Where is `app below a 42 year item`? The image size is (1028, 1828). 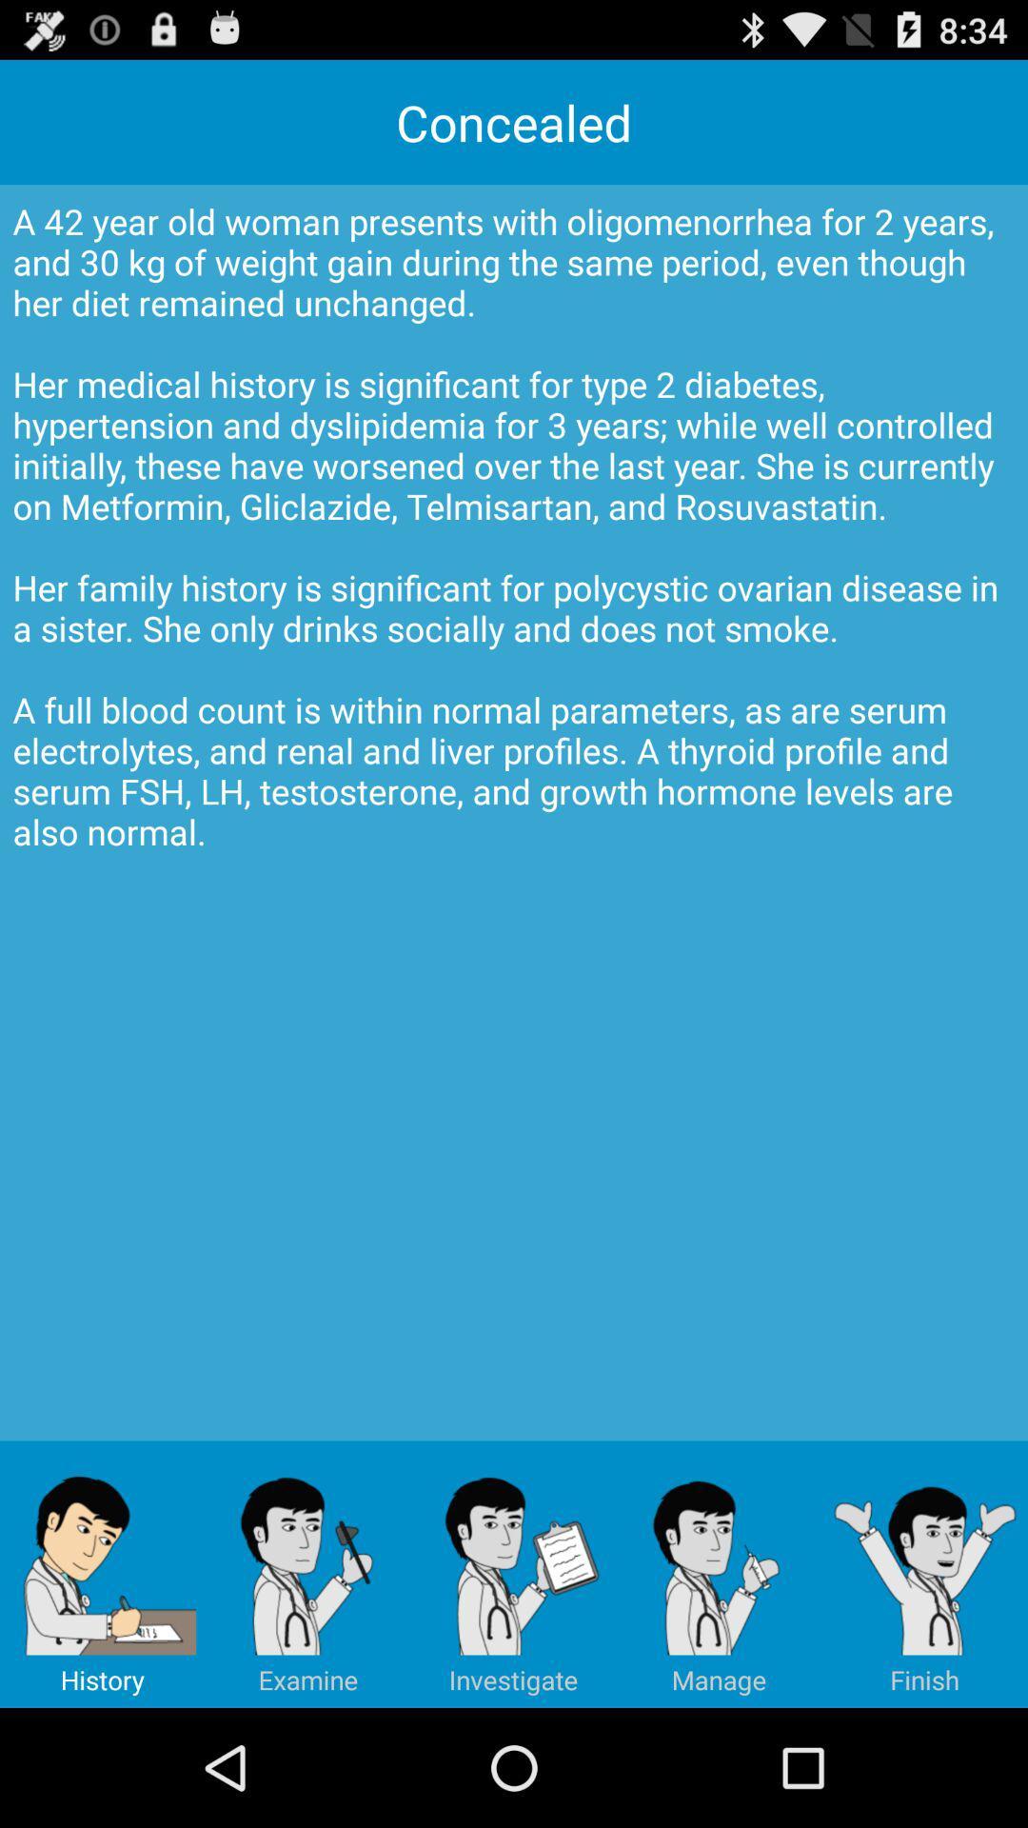
app below a 42 year item is located at coordinates (720, 1574).